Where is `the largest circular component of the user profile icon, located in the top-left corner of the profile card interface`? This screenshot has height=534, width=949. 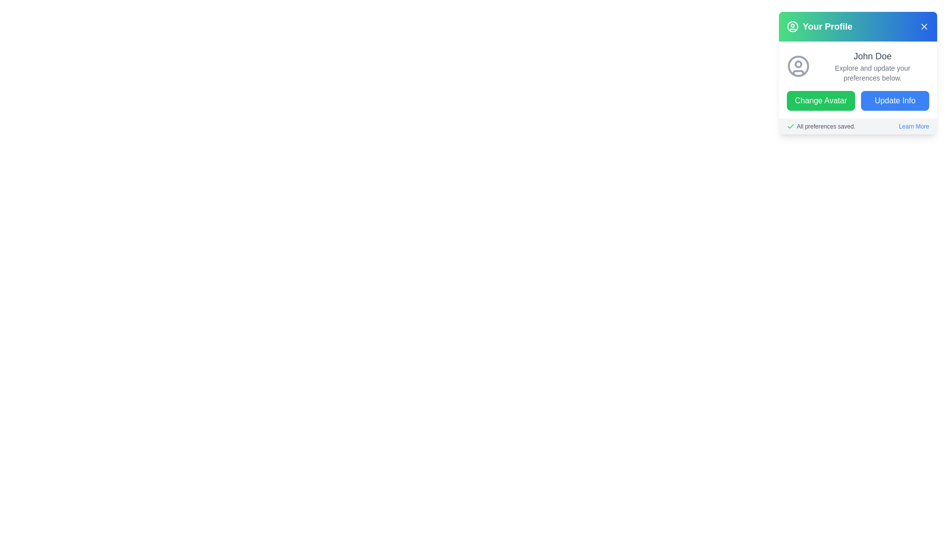 the largest circular component of the user profile icon, located in the top-left corner of the profile card interface is located at coordinates (792, 26).